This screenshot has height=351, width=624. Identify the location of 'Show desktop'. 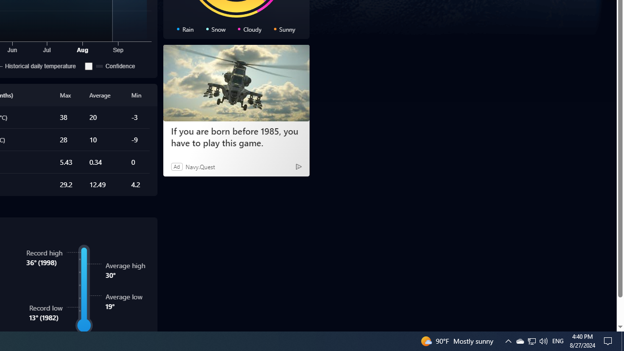
(609, 340).